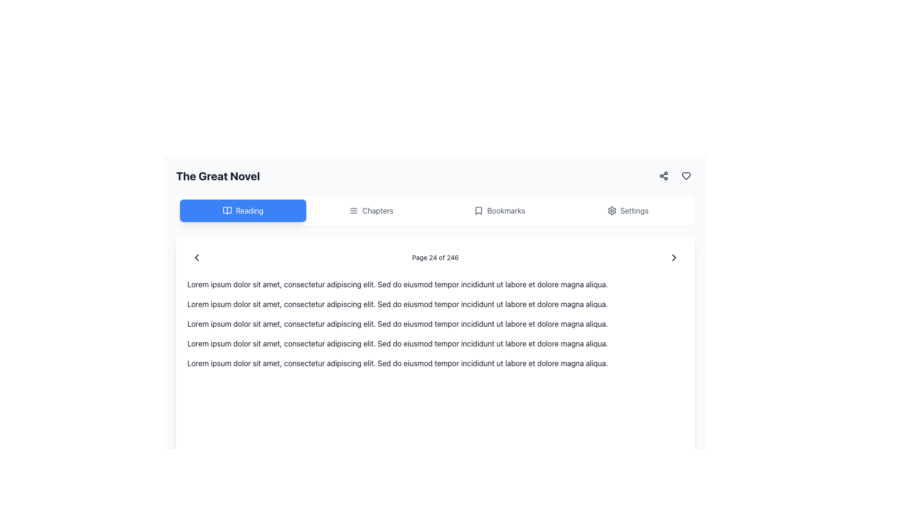  What do you see at coordinates (378, 210) in the screenshot?
I see `the 'Chapters' label located centrally in the horizontal navigation bar to trigger the visual highlight effect` at bounding box center [378, 210].